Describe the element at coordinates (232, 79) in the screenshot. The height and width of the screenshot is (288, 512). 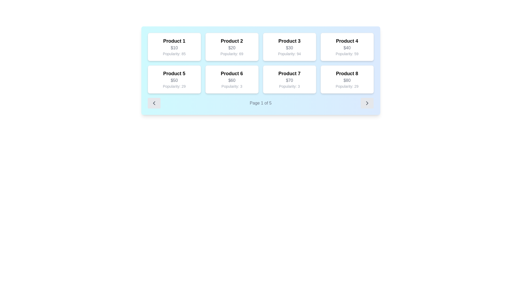
I see `the Information card displaying 'Product 6', which has a white background and rounded edges, located` at that location.